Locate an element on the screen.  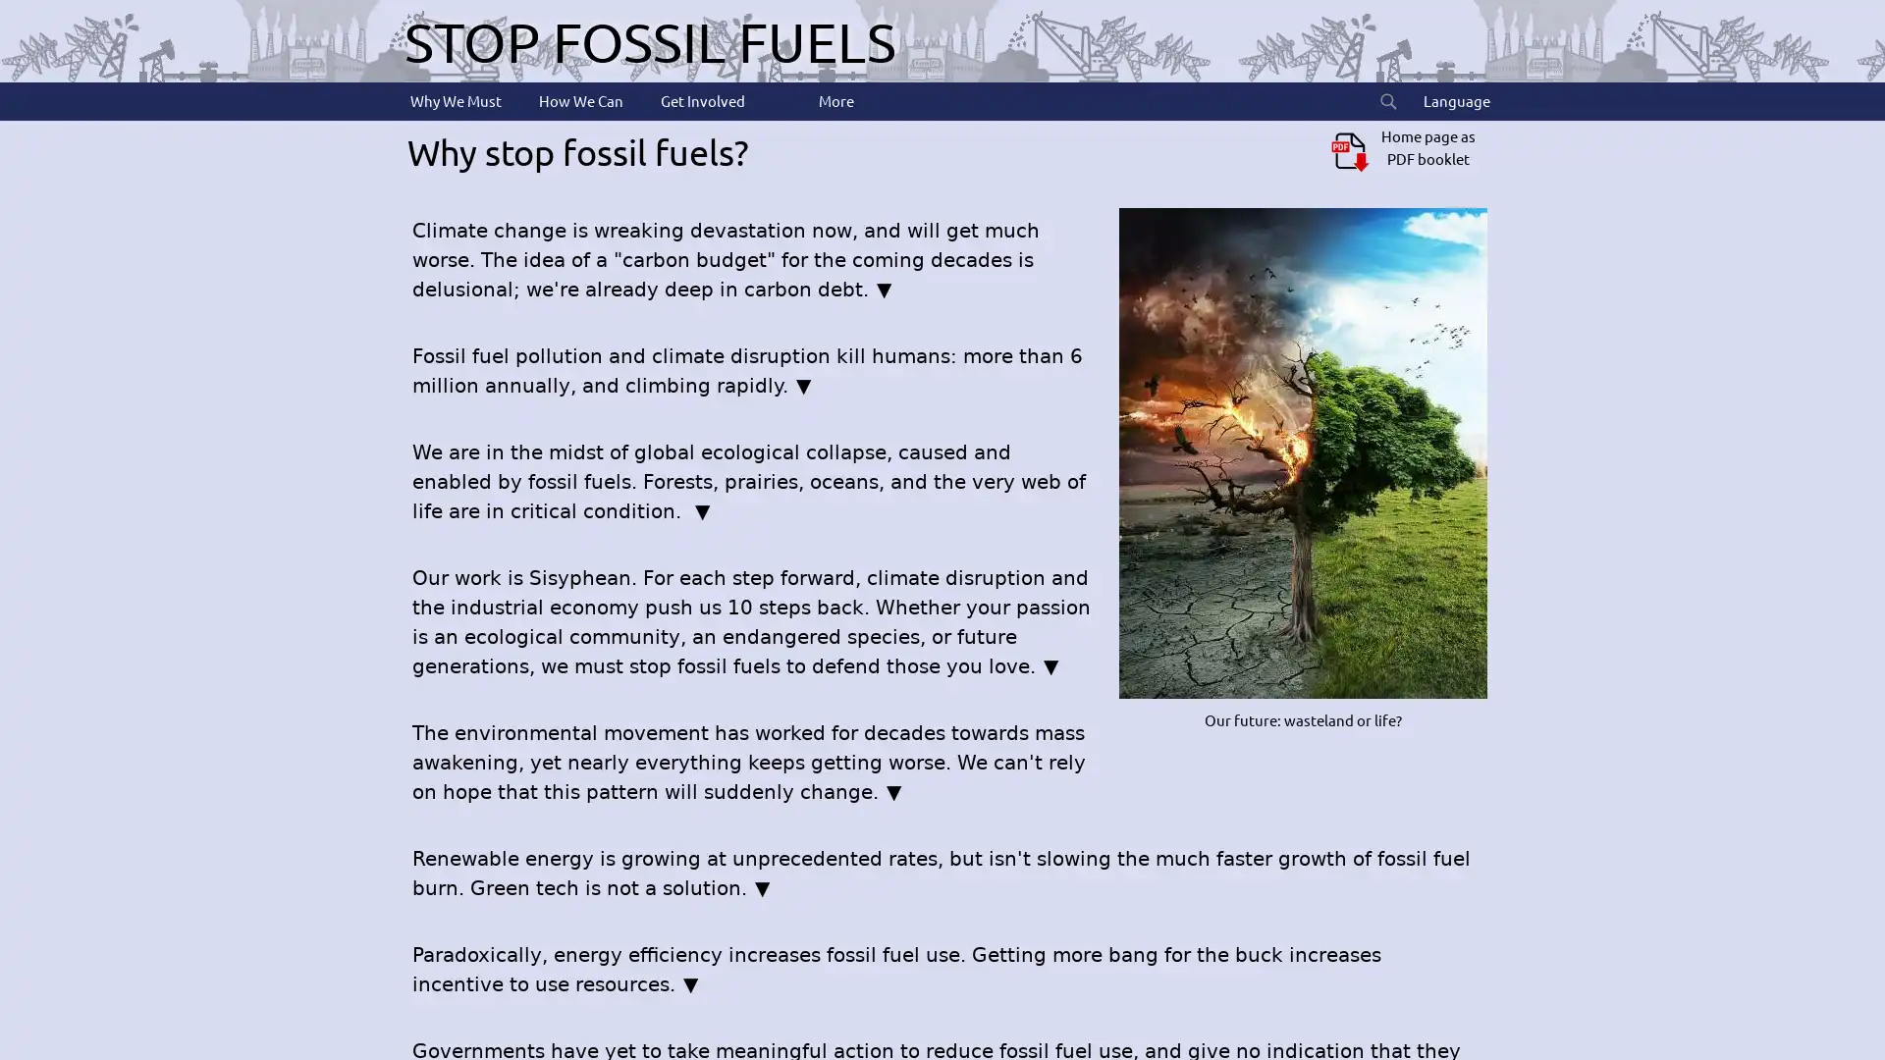
How We Can is located at coordinates (576, 101).